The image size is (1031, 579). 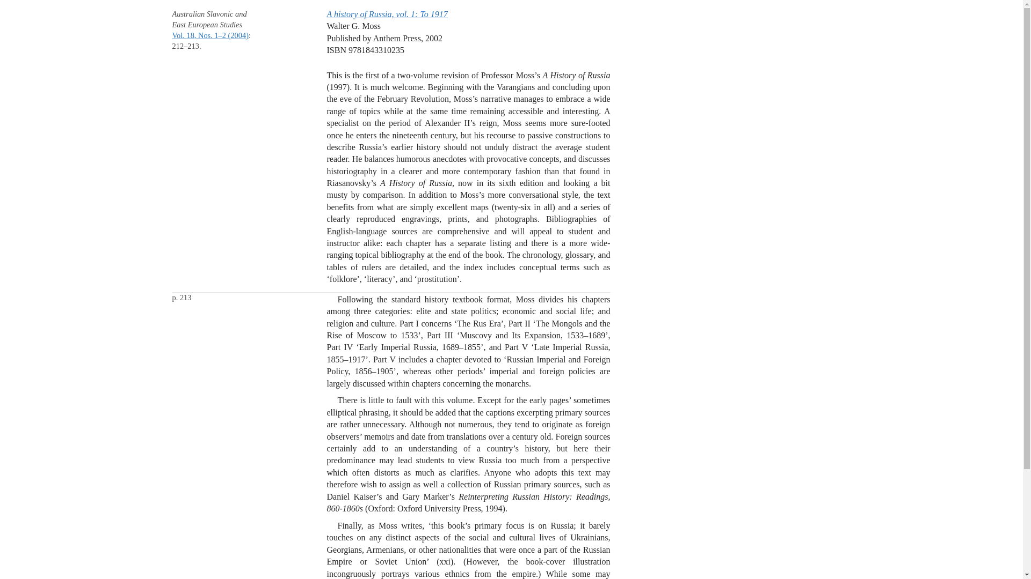 What do you see at coordinates (387, 14) in the screenshot?
I see `'A history of Russia, vol. 1: To 1917'` at bounding box center [387, 14].